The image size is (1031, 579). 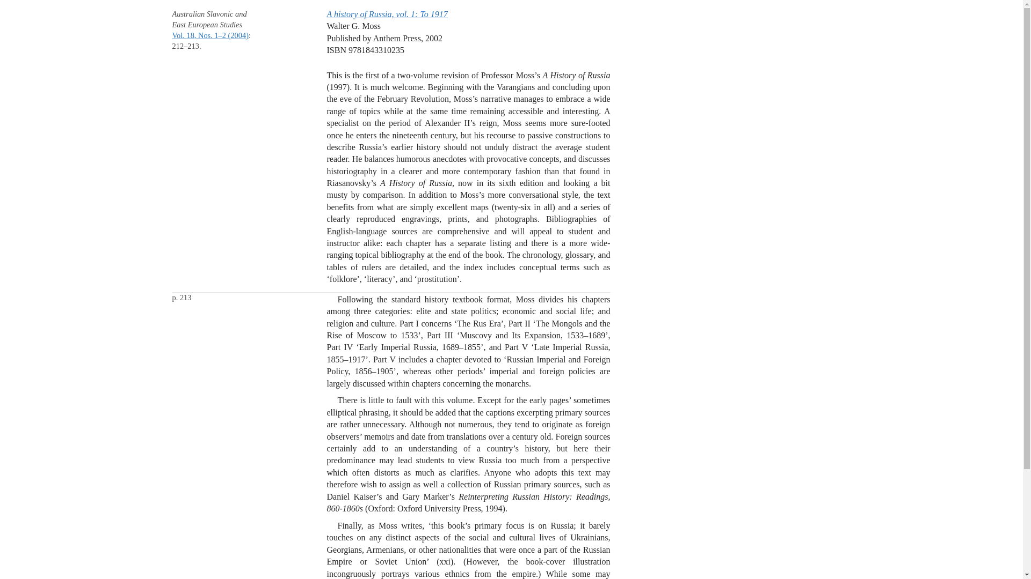 What do you see at coordinates (387, 14) in the screenshot?
I see `'A history of Russia, vol. 1: To 1917'` at bounding box center [387, 14].